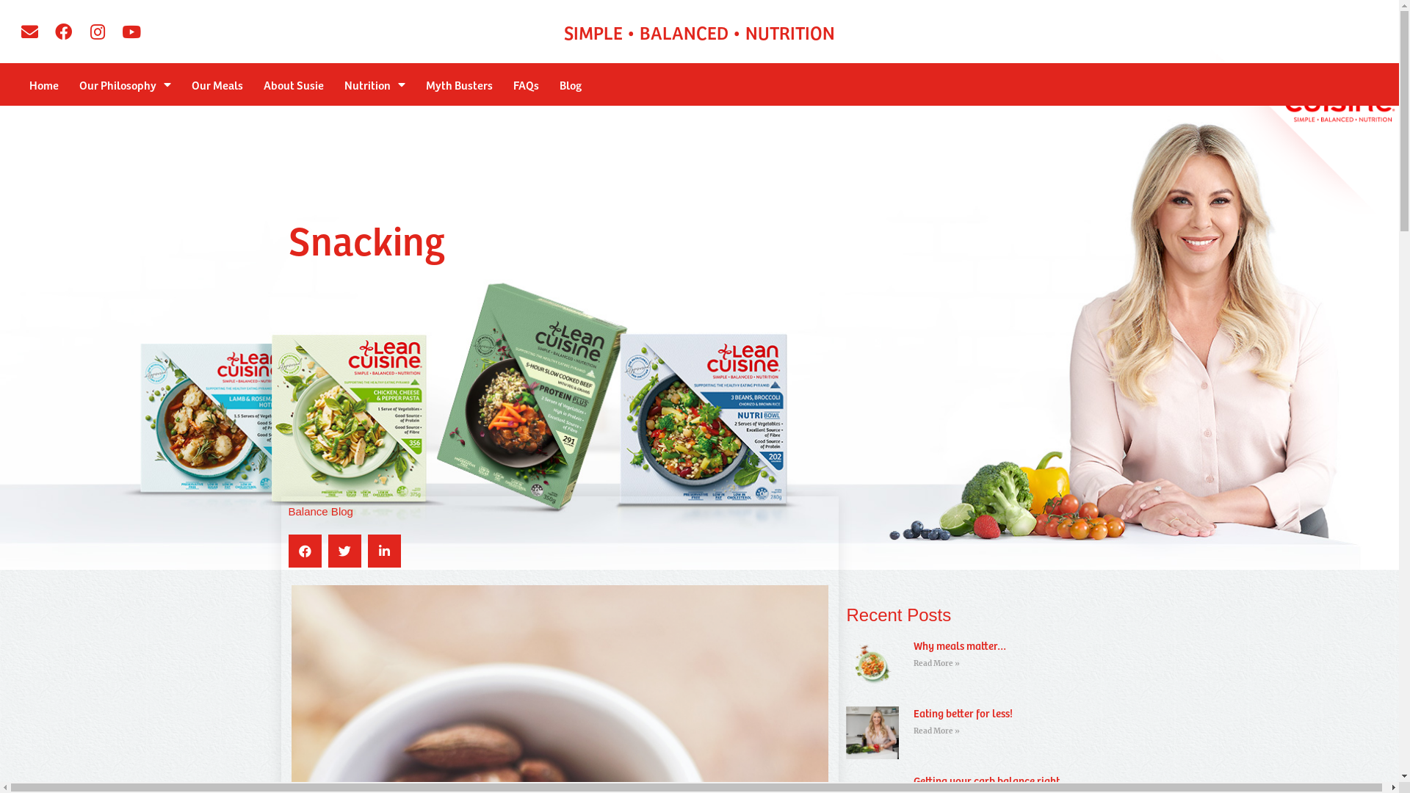 The width and height of the screenshot is (1410, 793). What do you see at coordinates (319, 510) in the screenshot?
I see `'Balance Blog'` at bounding box center [319, 510].